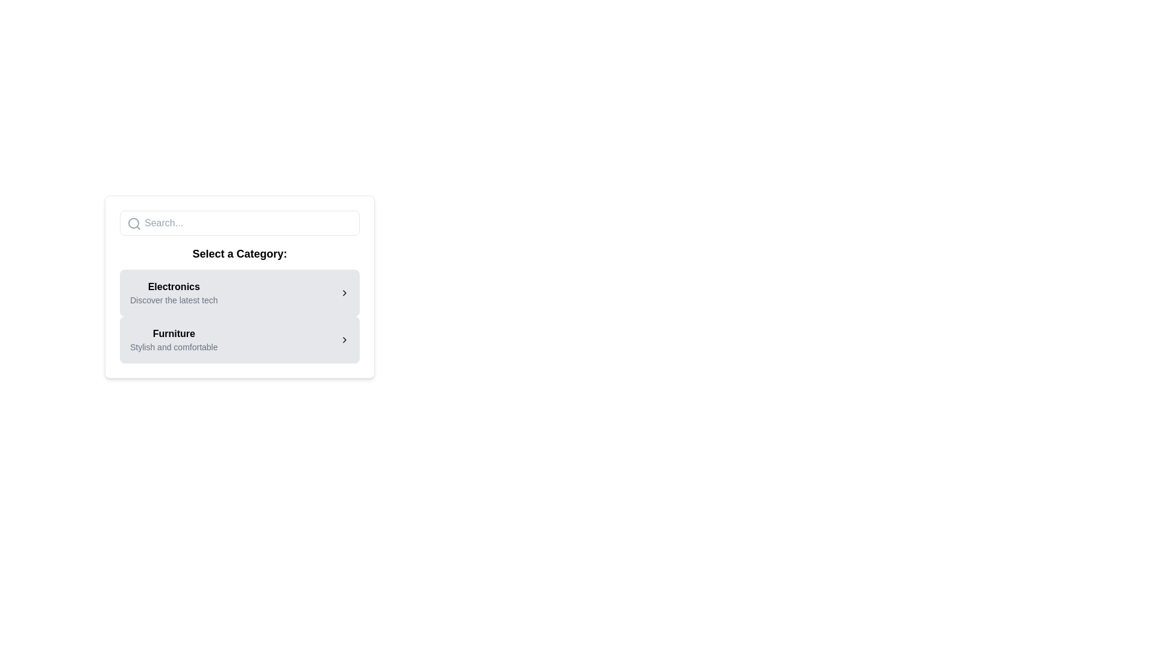  Describe the element at coordinates (173, 339) in the screenshot. I see `the Text label displaying the heading 'Furniture' and subheading 'Stylish and comfortable'` at that location.